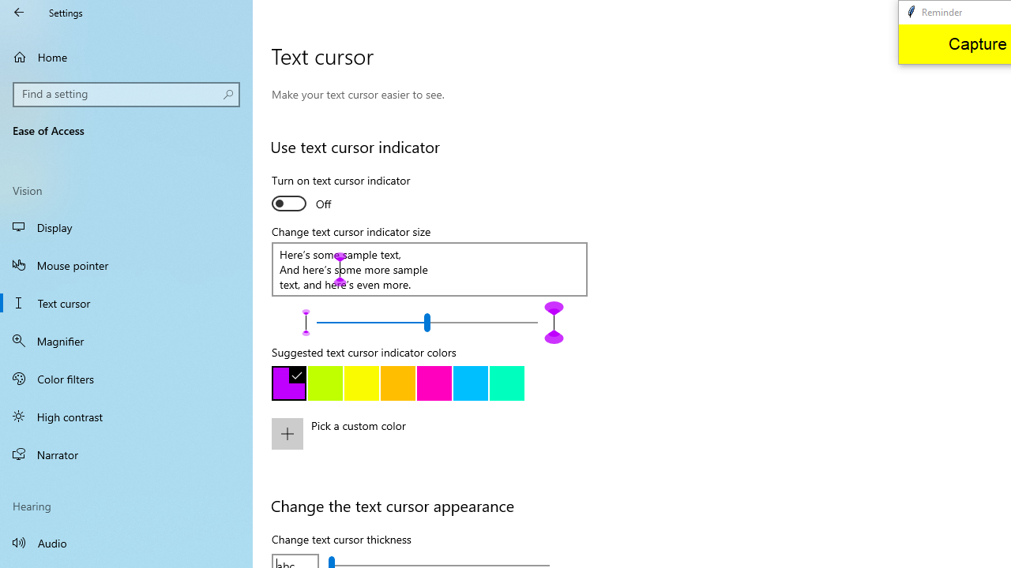  I want to click on 'Home', so click(126, 56).